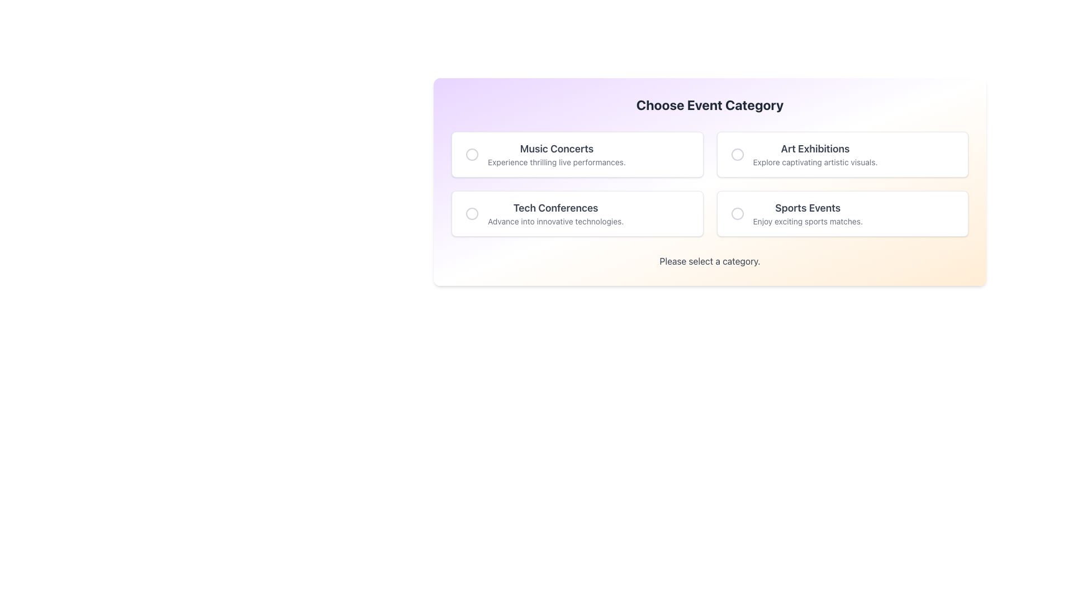 The width and height of the screenshot is (1073, 603). I want to click on the circular radio button indicator located within the 'Sports Events' area in the bottom-right of the grid interface, so click(737, 213).